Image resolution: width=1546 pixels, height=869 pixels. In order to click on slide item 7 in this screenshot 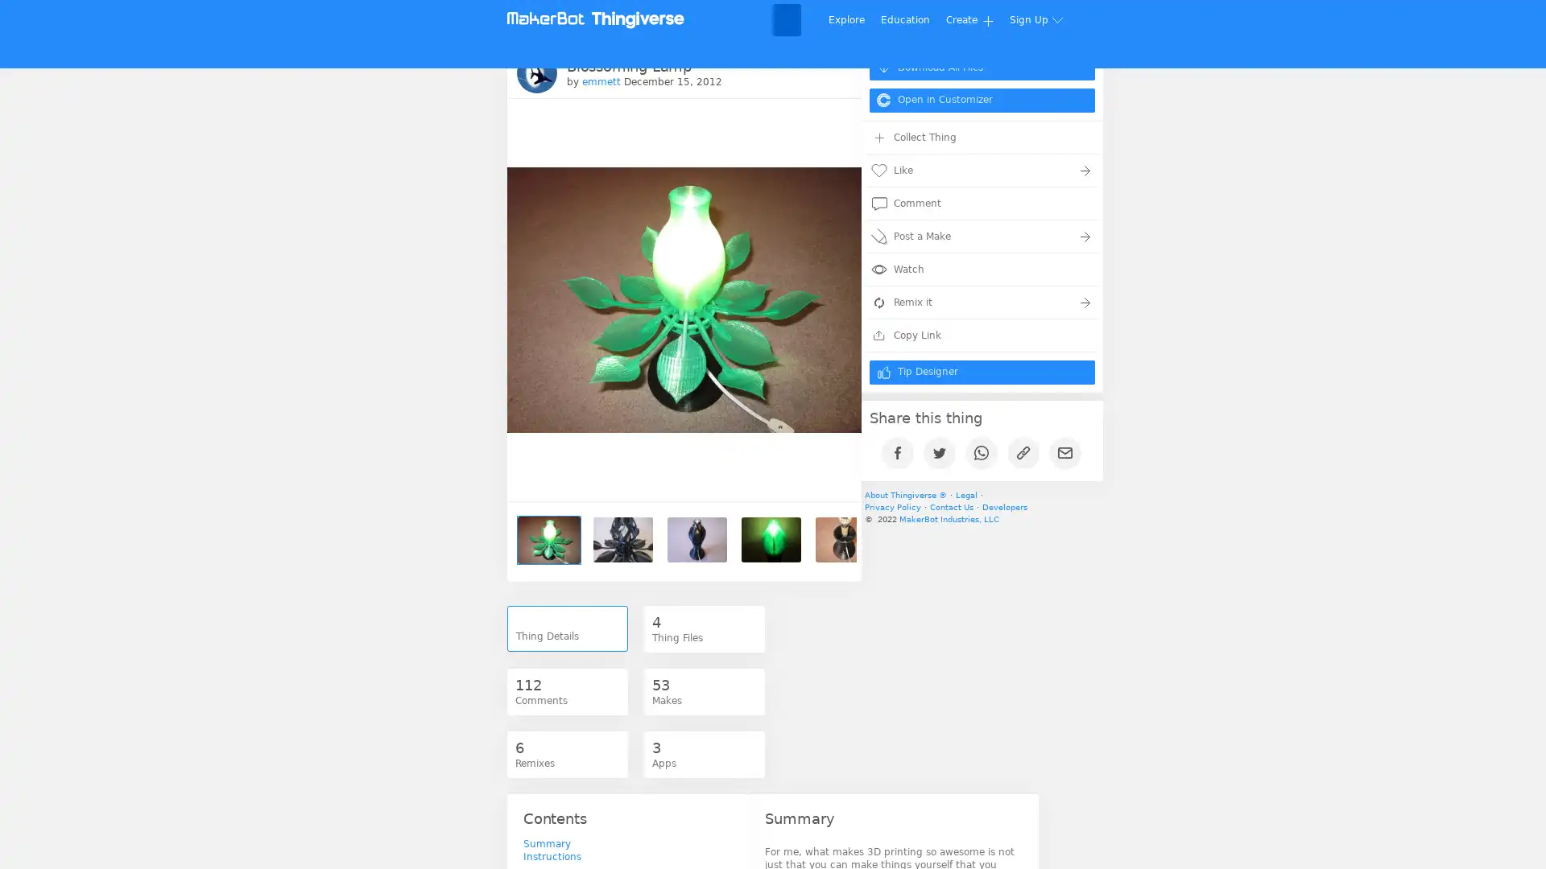, I will do `click(992, 539)`.